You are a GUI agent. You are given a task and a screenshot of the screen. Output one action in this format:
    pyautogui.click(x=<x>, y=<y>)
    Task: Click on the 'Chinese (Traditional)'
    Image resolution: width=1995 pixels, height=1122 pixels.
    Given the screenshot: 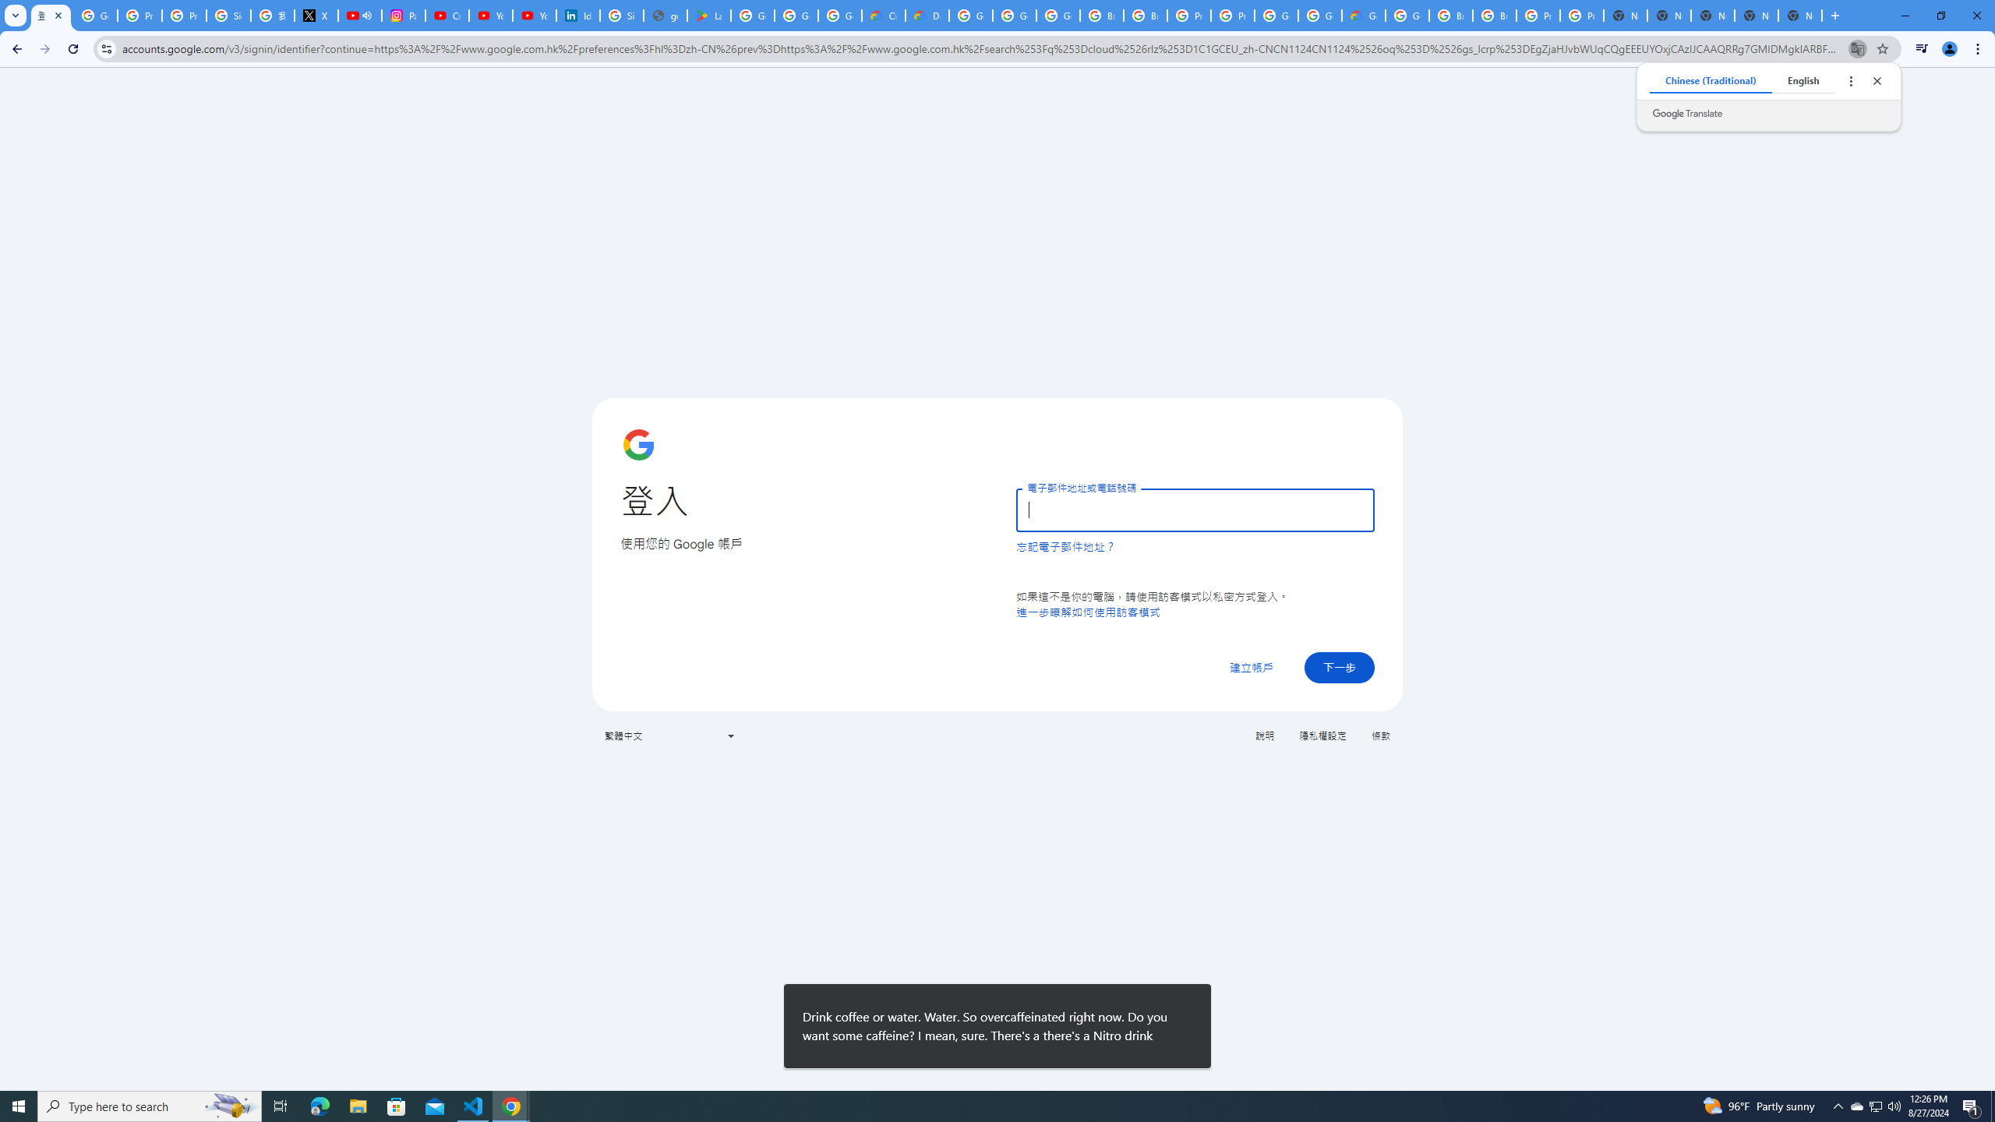 What is the action you would take?
    pyautogui.click(x=1710, y=80)
    